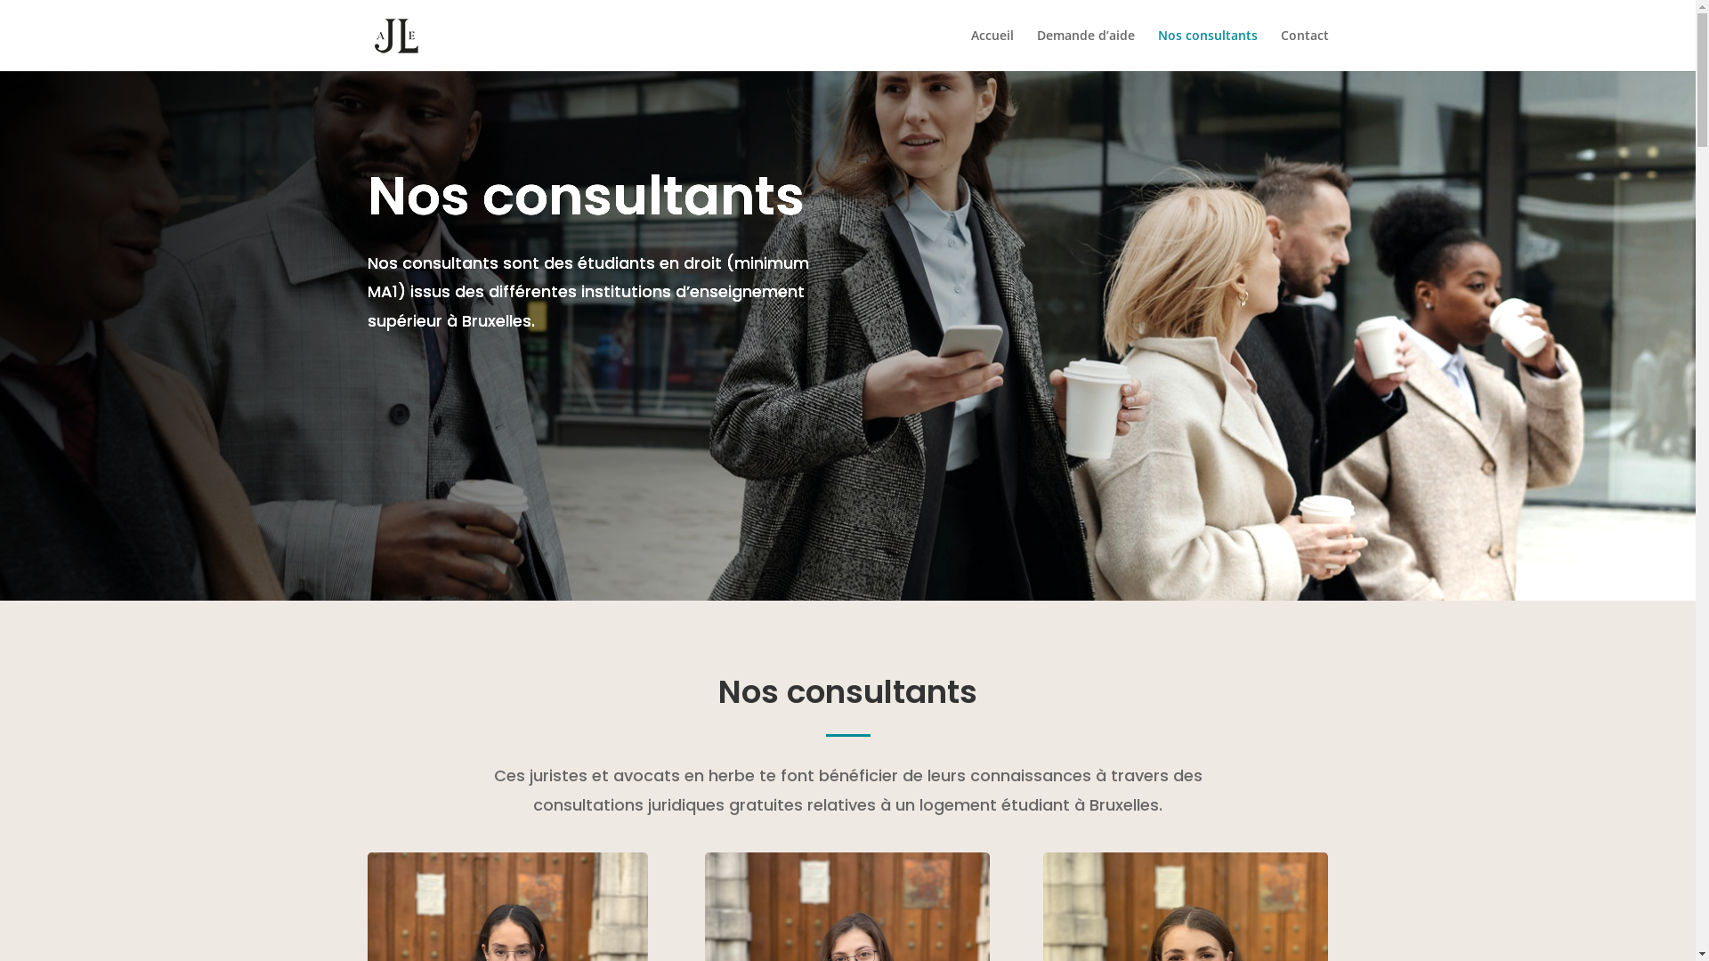 The width and height of the screenshot is (1709, 961). Describe the element at coordinates (968, 49) in the screenshot. I see `'Accueil'` at that location.